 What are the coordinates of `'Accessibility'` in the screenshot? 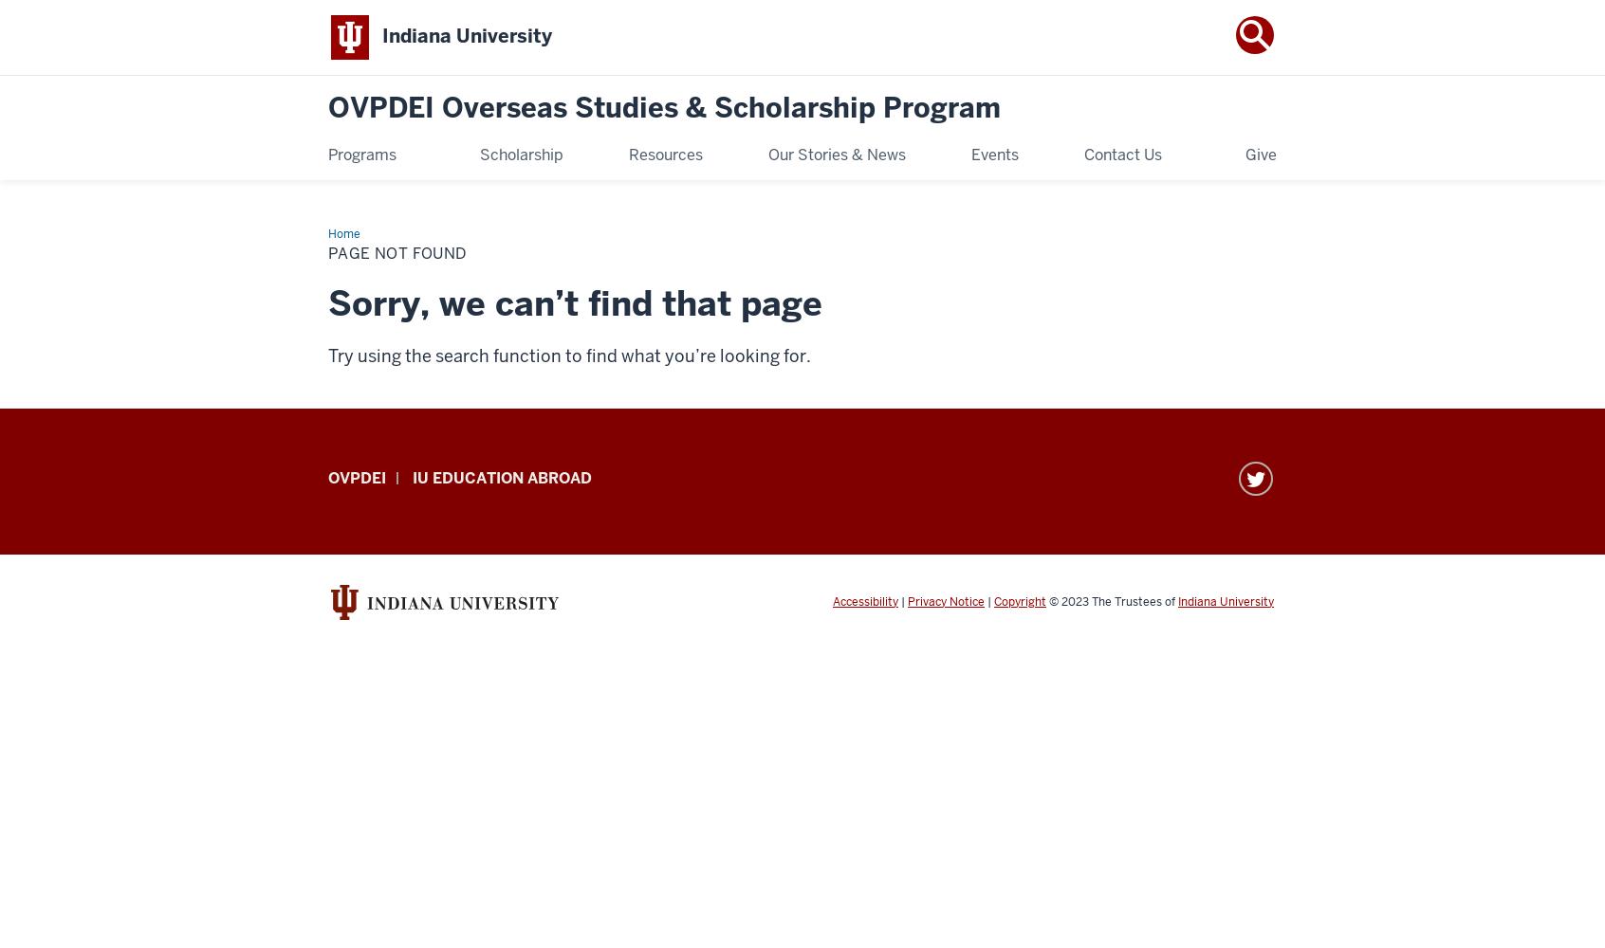 It's located at (864, 601).